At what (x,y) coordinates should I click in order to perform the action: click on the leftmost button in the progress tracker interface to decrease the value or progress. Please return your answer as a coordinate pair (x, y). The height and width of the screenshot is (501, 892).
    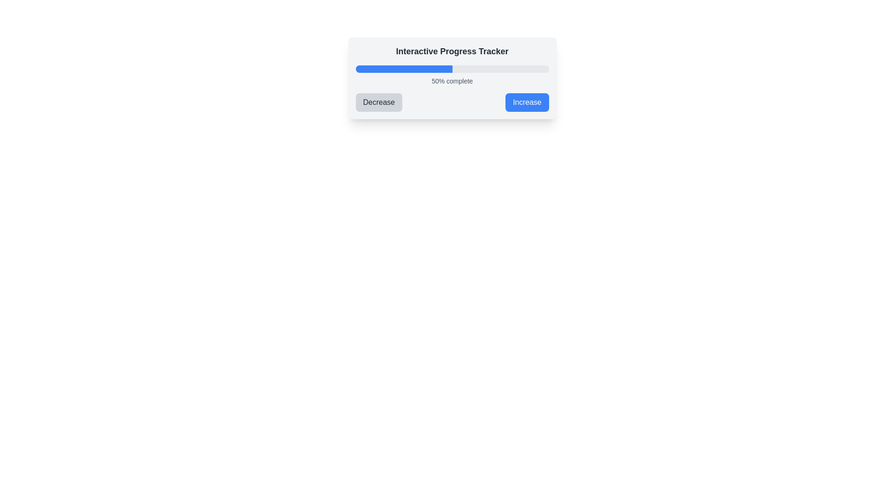
    Looking at the image, I should click on (379, 102).